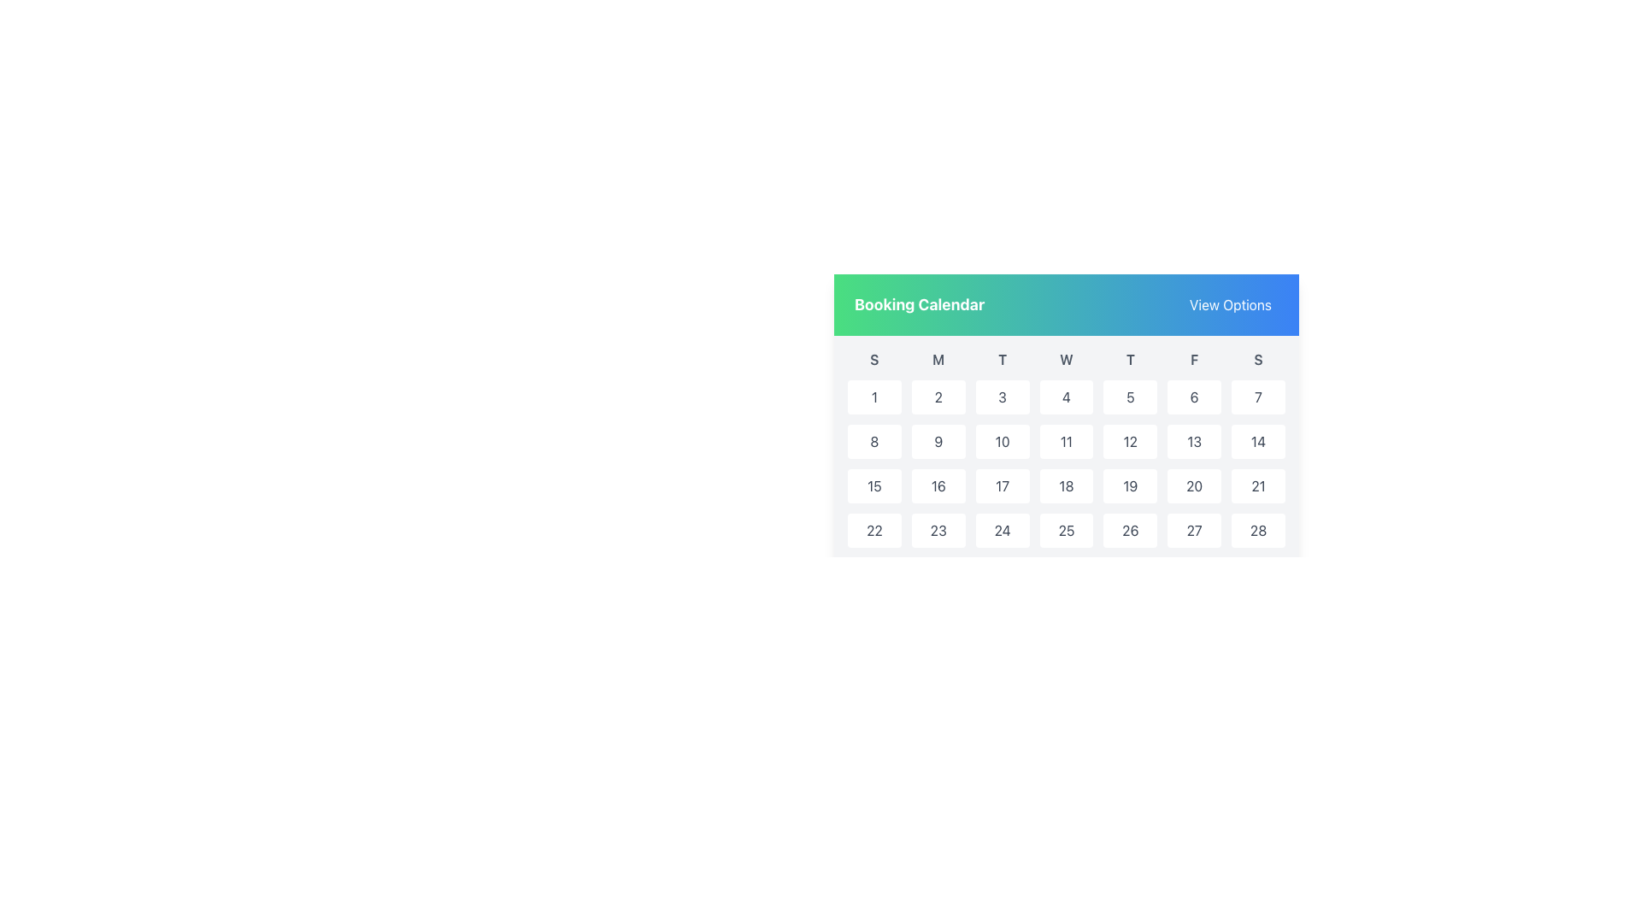 This screenshot has width=1641, height=923. I want to click on the Calendar day button representing the 26th day in the Booking Calendar, so click(1130, 530).